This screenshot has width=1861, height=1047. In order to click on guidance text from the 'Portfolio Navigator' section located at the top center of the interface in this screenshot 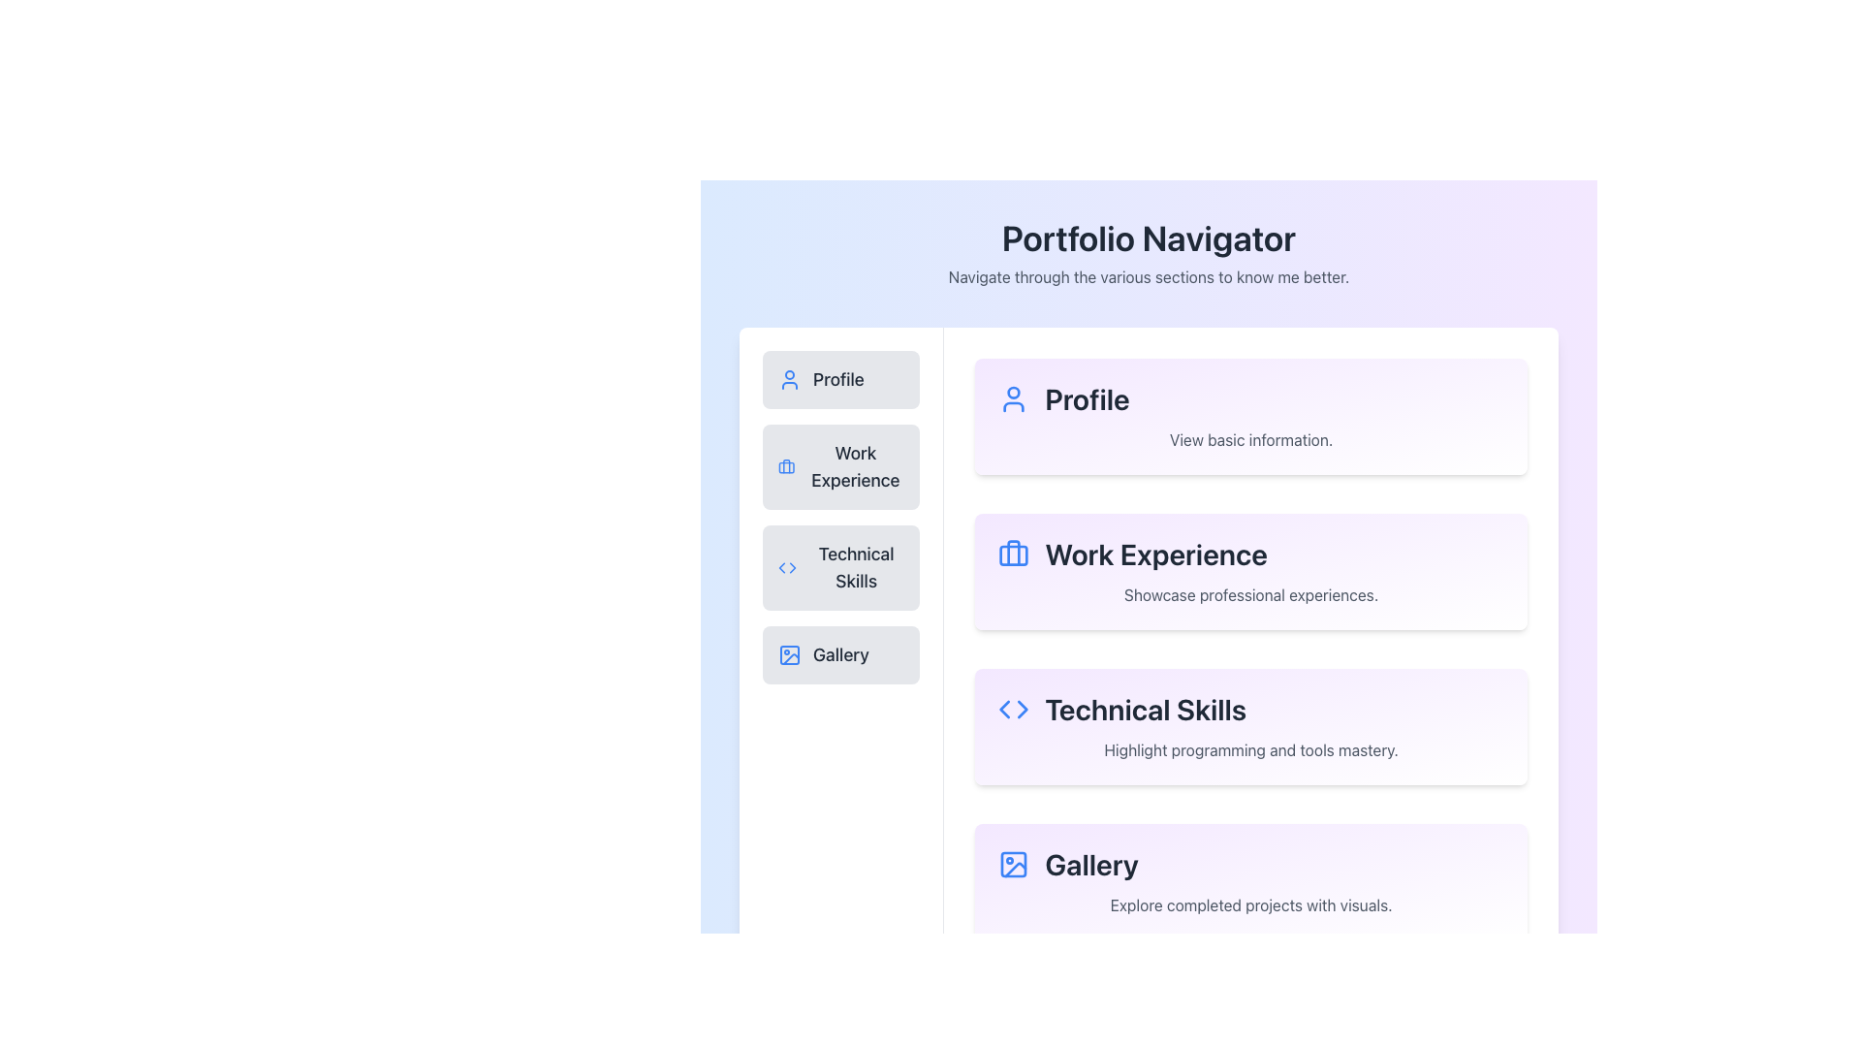, I will do `click(1149, 253)`.